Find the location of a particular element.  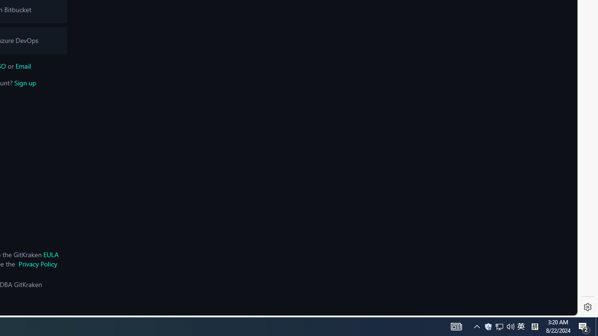

'EULA' is located at coordinates (50, 254).